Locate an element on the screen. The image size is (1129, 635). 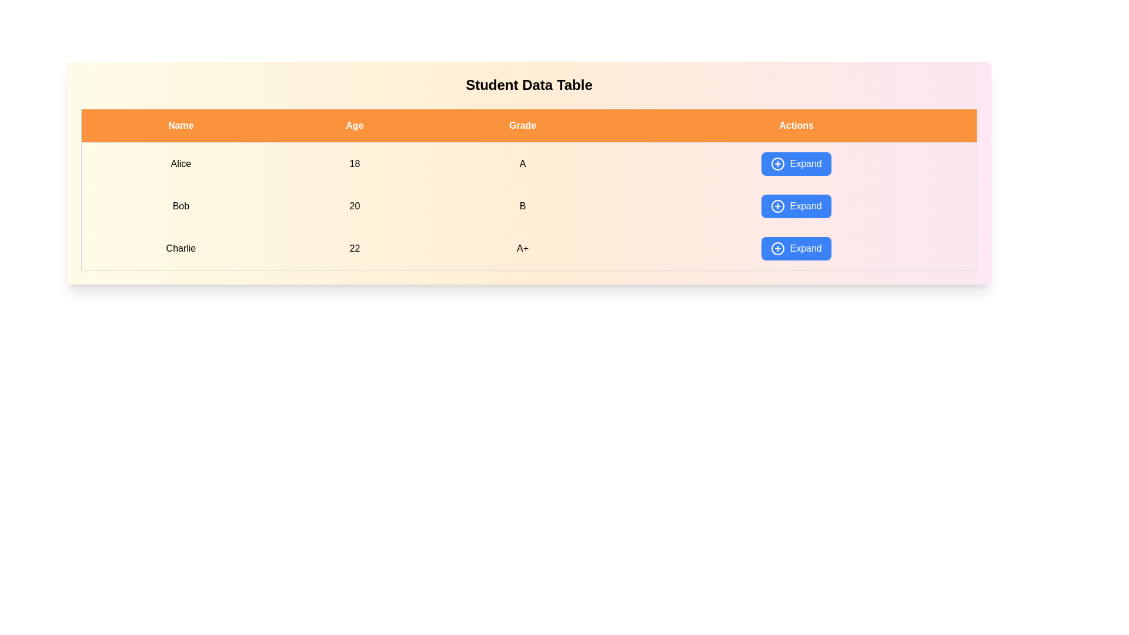
the static text label displaying the grade value located in the third row and third column of the table, aligned with 'Charlie' and '22' is located at coordinates (522, 248).